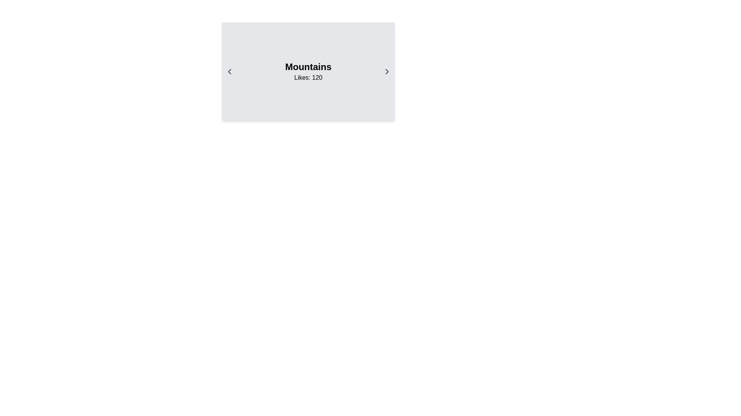 The height and width of the screenshot is (416, 741). Describe the element at coordinates (229, 71) in the screenshot. I see `the Icon (Chevron Left) located to the left of the text 'Mountains'` at that location.